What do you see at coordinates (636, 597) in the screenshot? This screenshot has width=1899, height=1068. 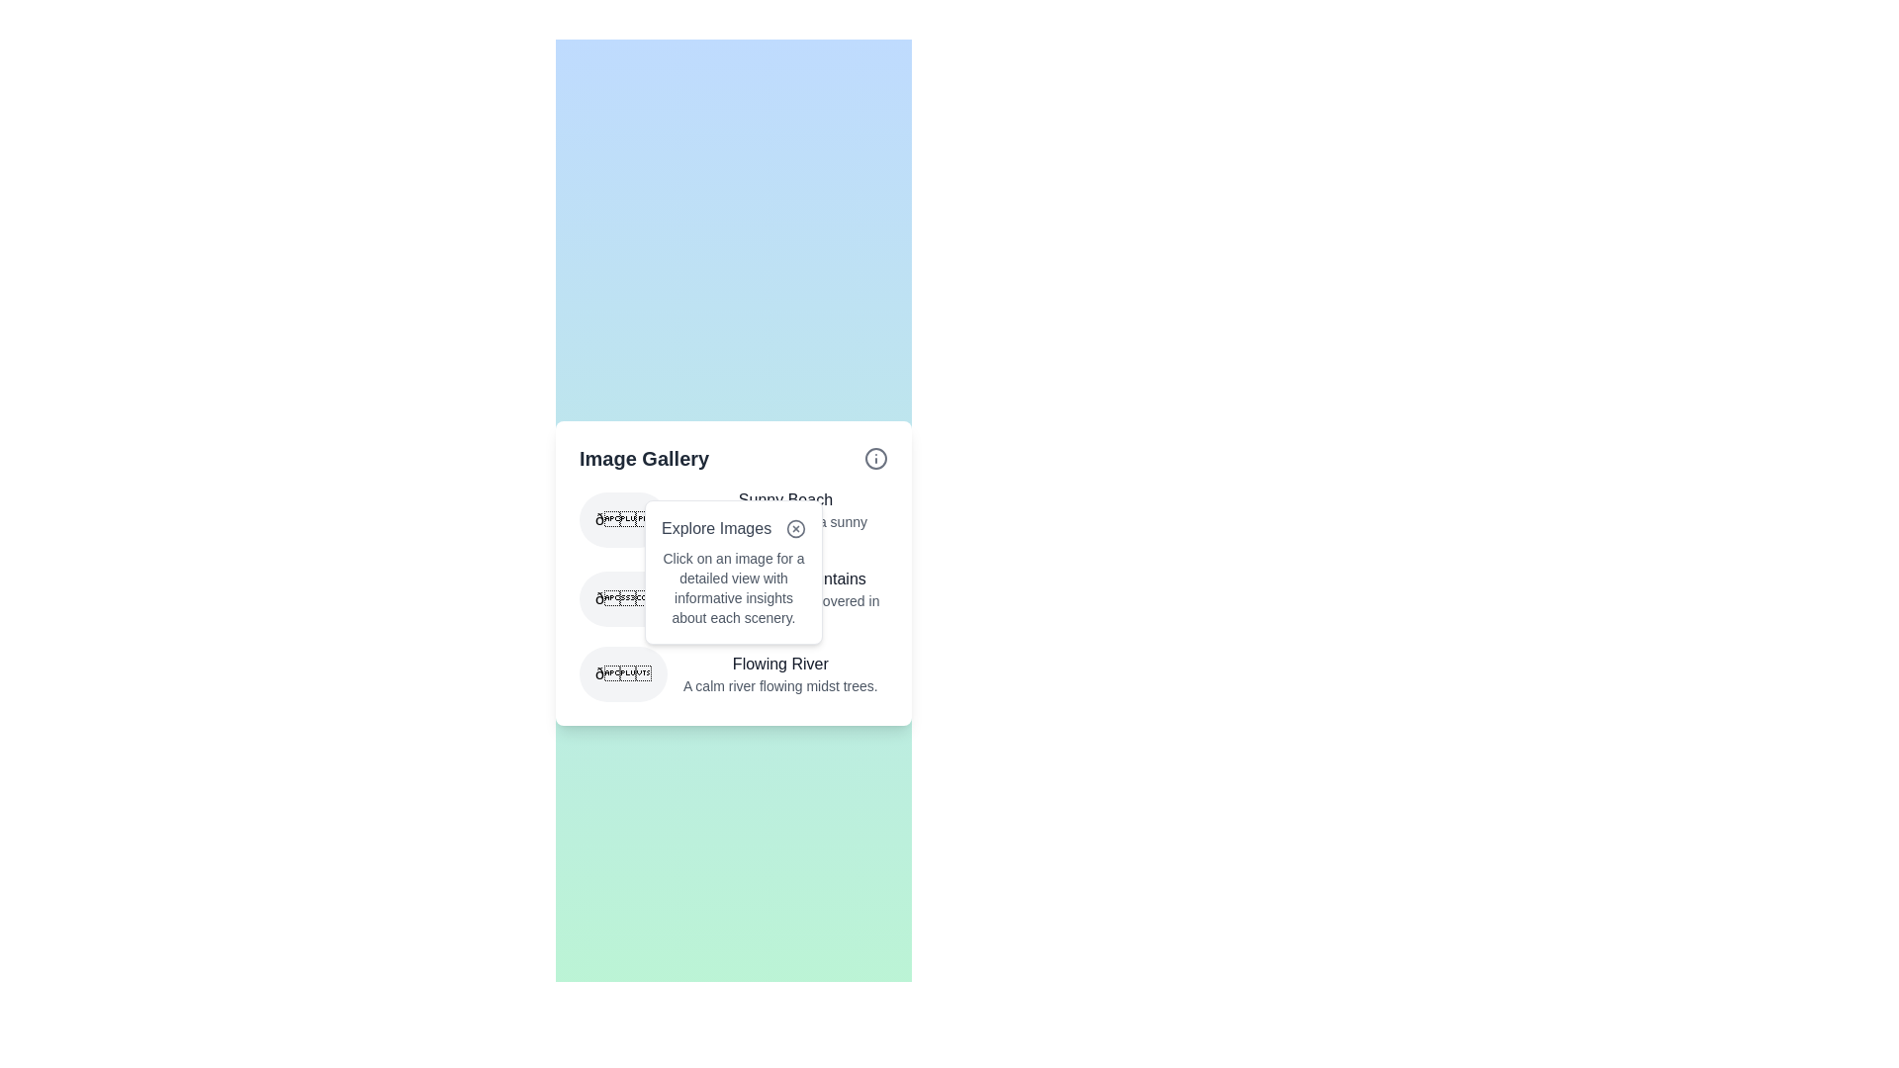 I see `the icon representing the list item for 'Majestic Mountains', which is located to the left of the textual content describing 'Beautiful peaks covered in snow.'` at bounding box center [636, 597].